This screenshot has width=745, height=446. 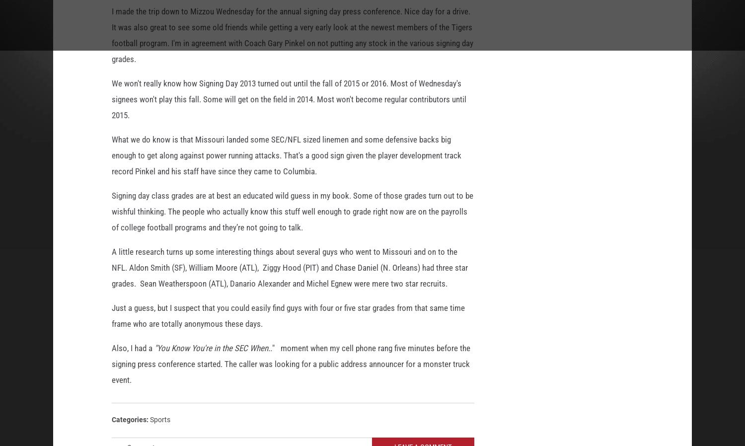 I want to click on 'Also, I had a', so click(x=132, y=350).